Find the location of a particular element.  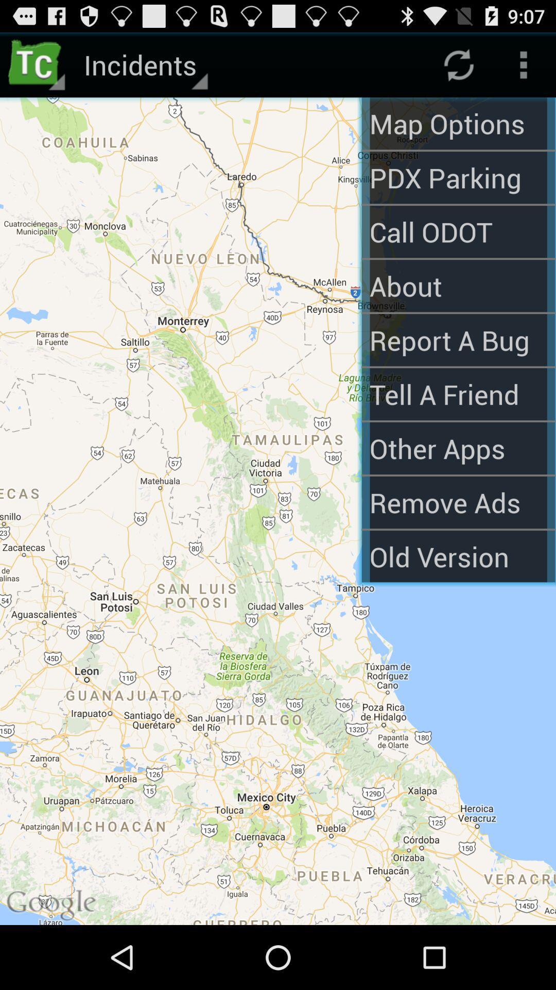

the about option is located at coordinates (458, 286).